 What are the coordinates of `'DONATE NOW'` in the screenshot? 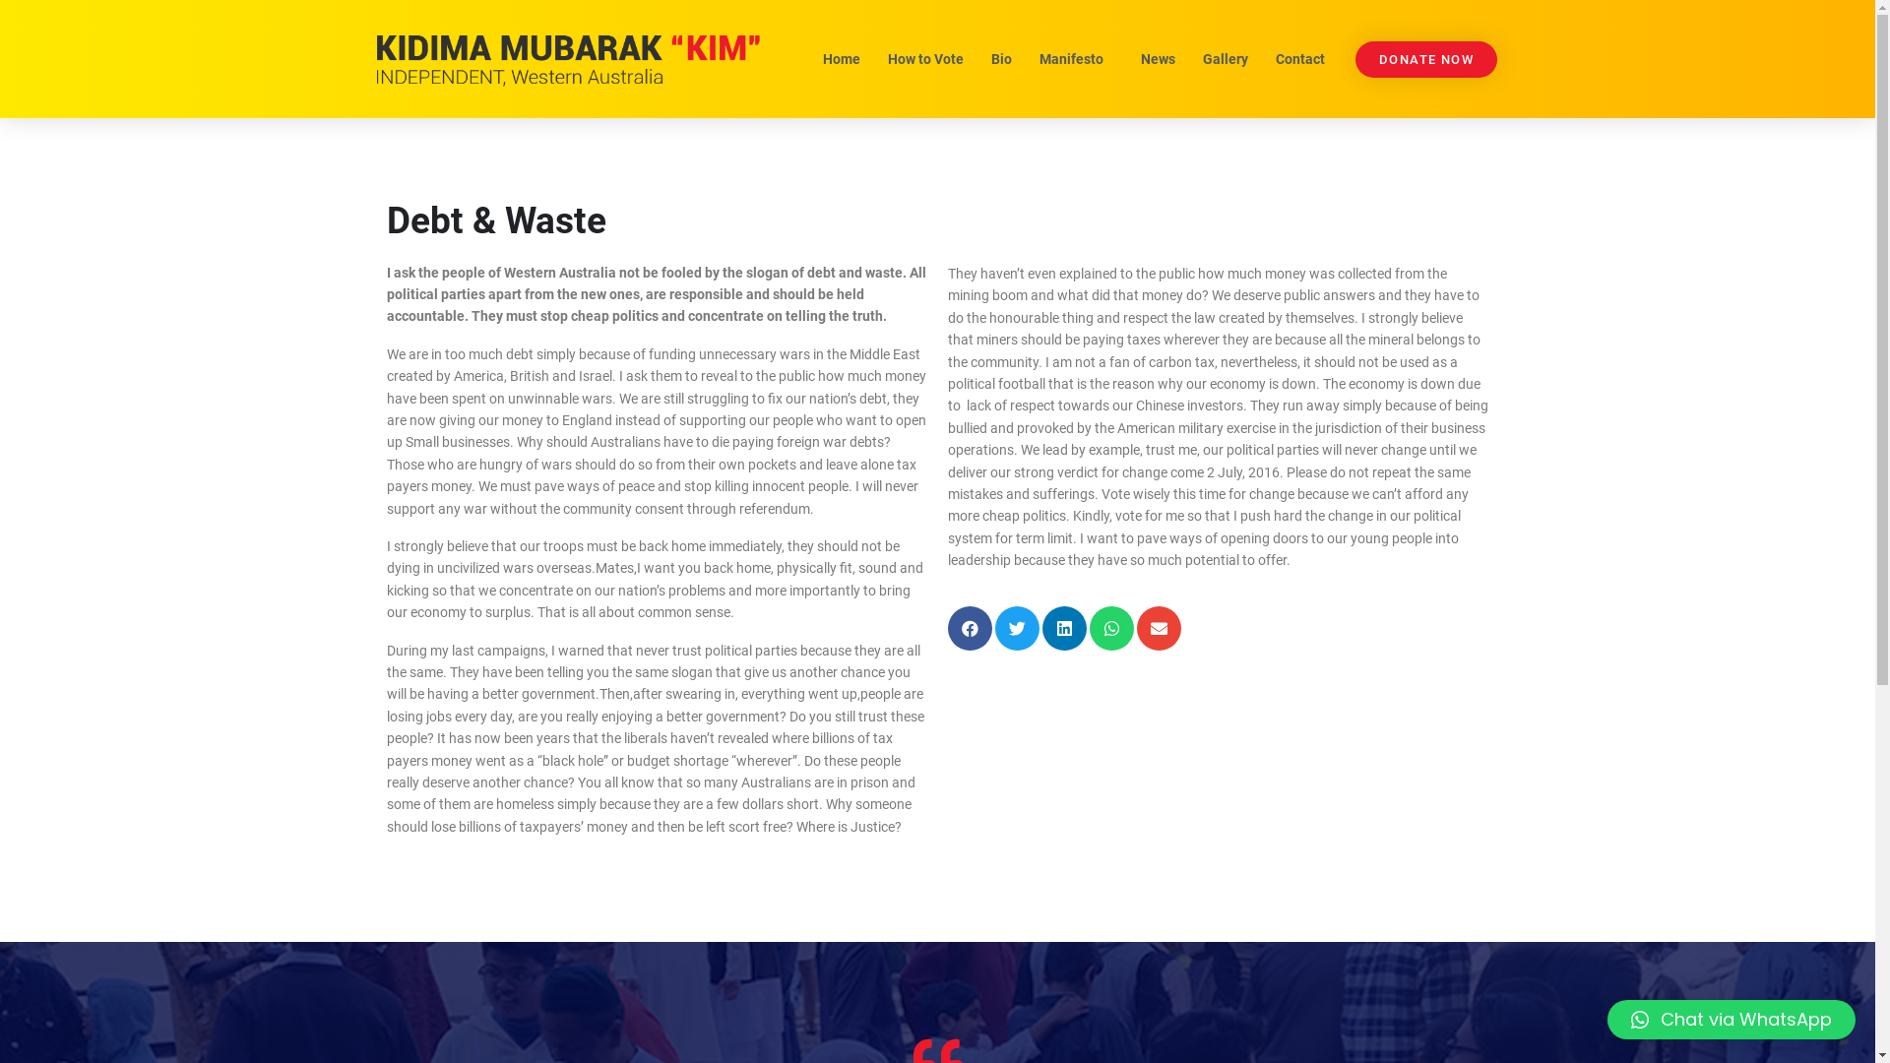 It's located at (1426, 58).